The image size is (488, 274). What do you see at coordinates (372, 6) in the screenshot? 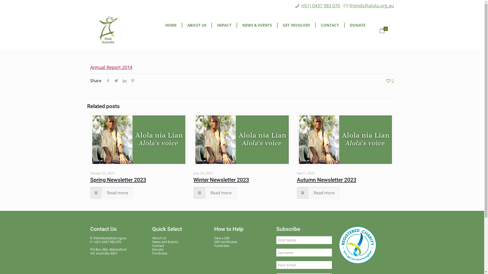
I see `'friends@alola.org.au'` at bounding box center [372, 6].